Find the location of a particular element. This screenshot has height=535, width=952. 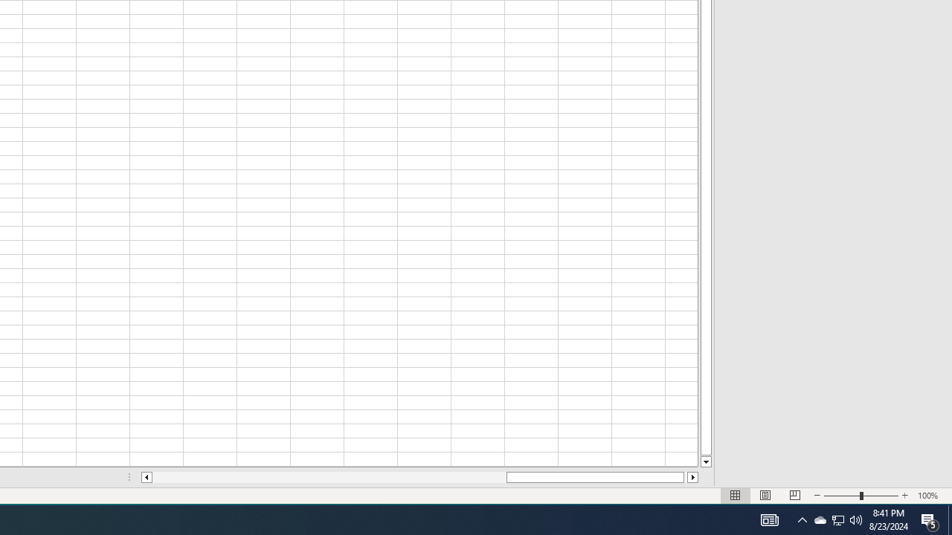

'AutomationID: 4105' is located at coordinates (769, 519).